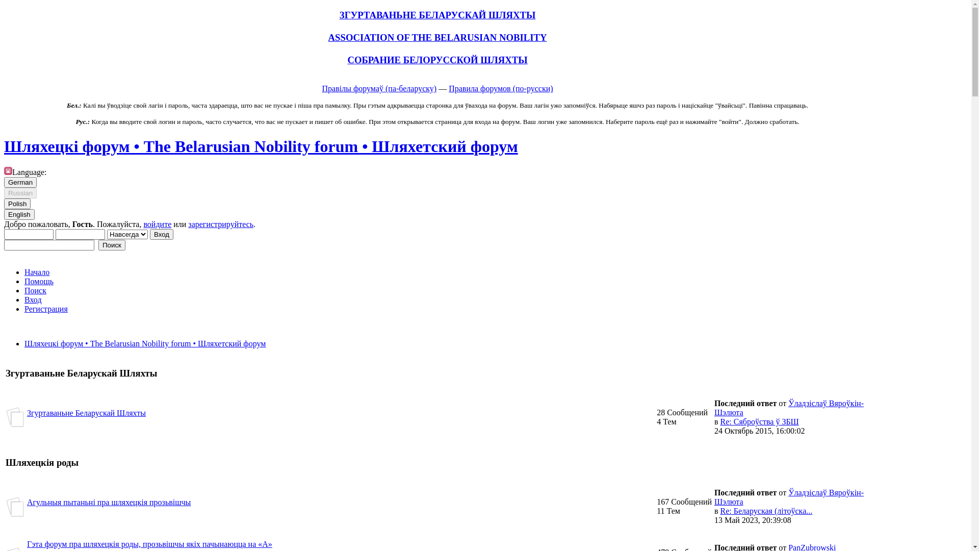 This screenshot has width=979, height=551. What do you see at coordinates (437, 37) in the screenshot?
I see `'ASSOCIATION OF THE BELARUSIAN NOBILITY'` at bounding box center [437, 37].